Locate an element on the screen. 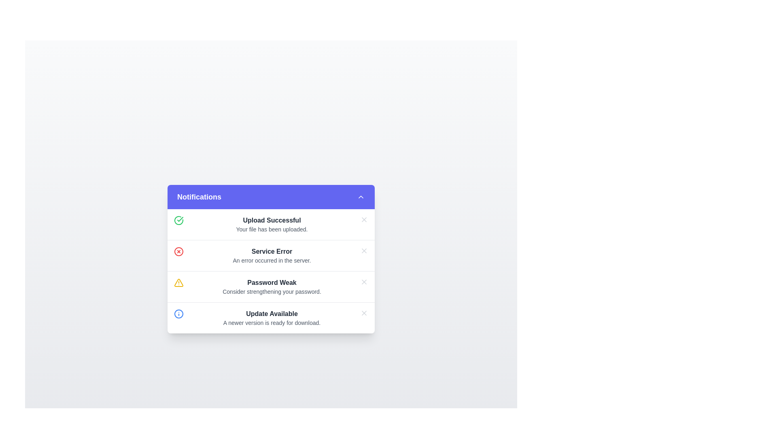 The image size is (777, 437). text of the bold-text title of the third notification indicating that the password is weak, located below 'Service Error' and above 'Update Available' is located at coordinates (272, 282).